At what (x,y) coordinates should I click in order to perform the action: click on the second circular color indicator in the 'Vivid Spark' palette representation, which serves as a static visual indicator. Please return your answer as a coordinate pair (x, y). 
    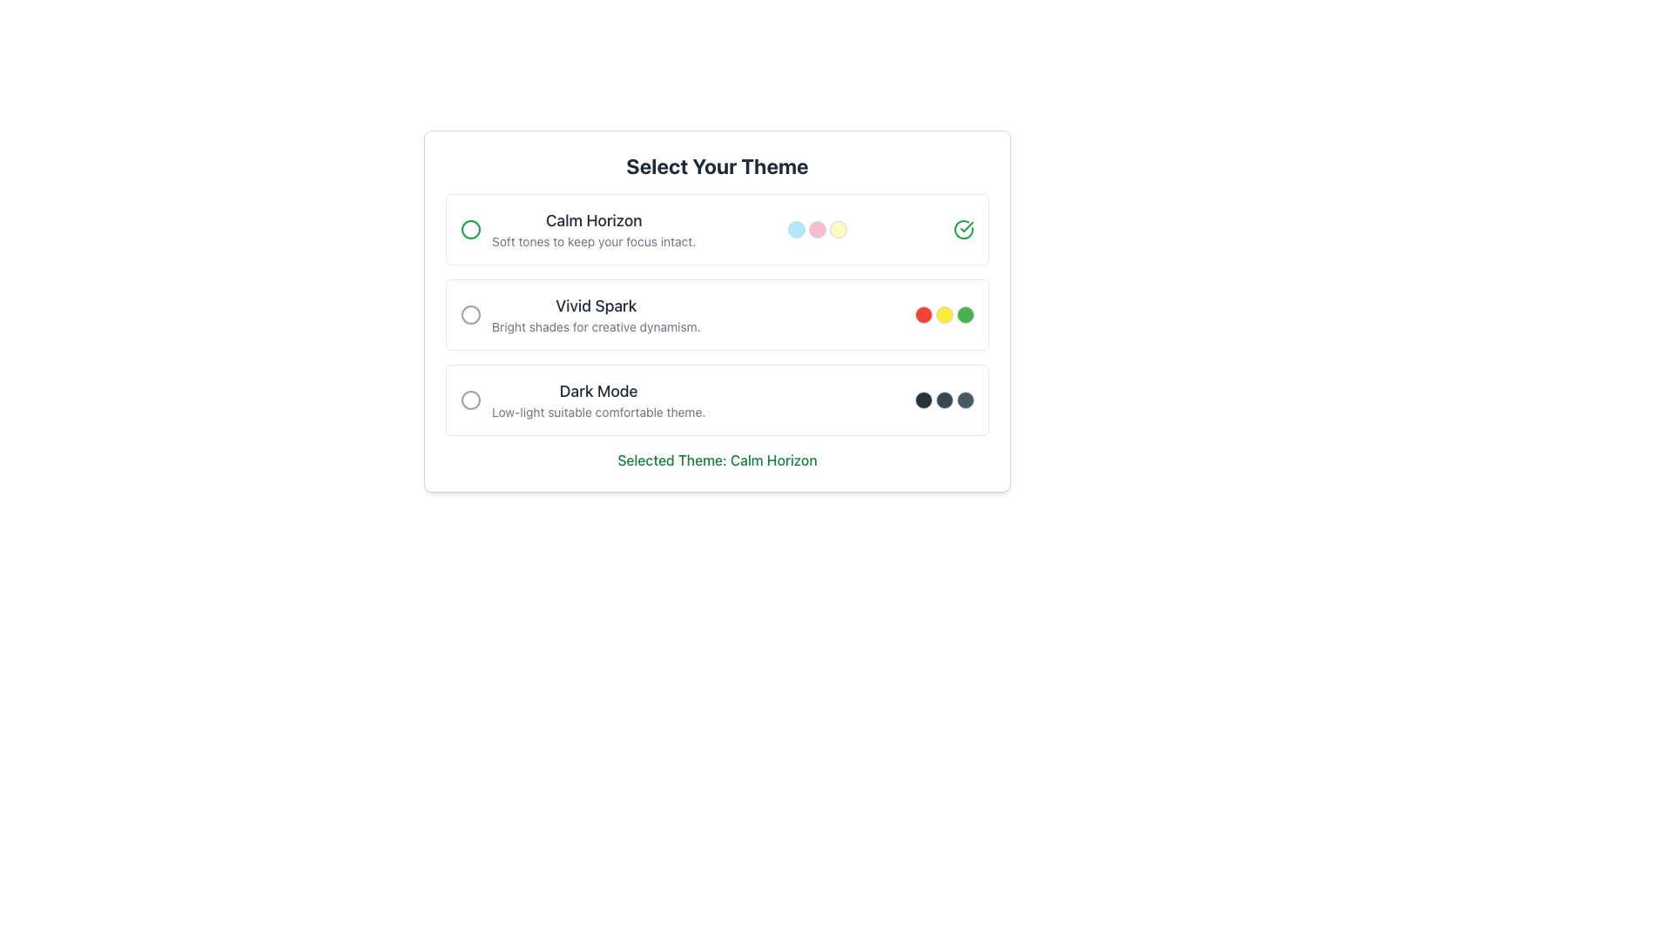
    Looking at the image, I should click on (943, 315).